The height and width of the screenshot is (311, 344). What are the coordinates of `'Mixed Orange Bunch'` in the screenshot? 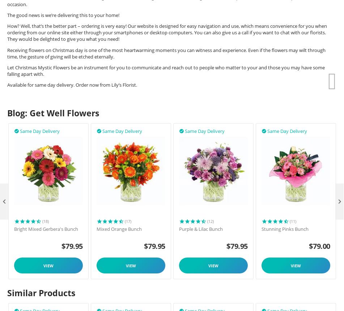 It's located at (119, 229).